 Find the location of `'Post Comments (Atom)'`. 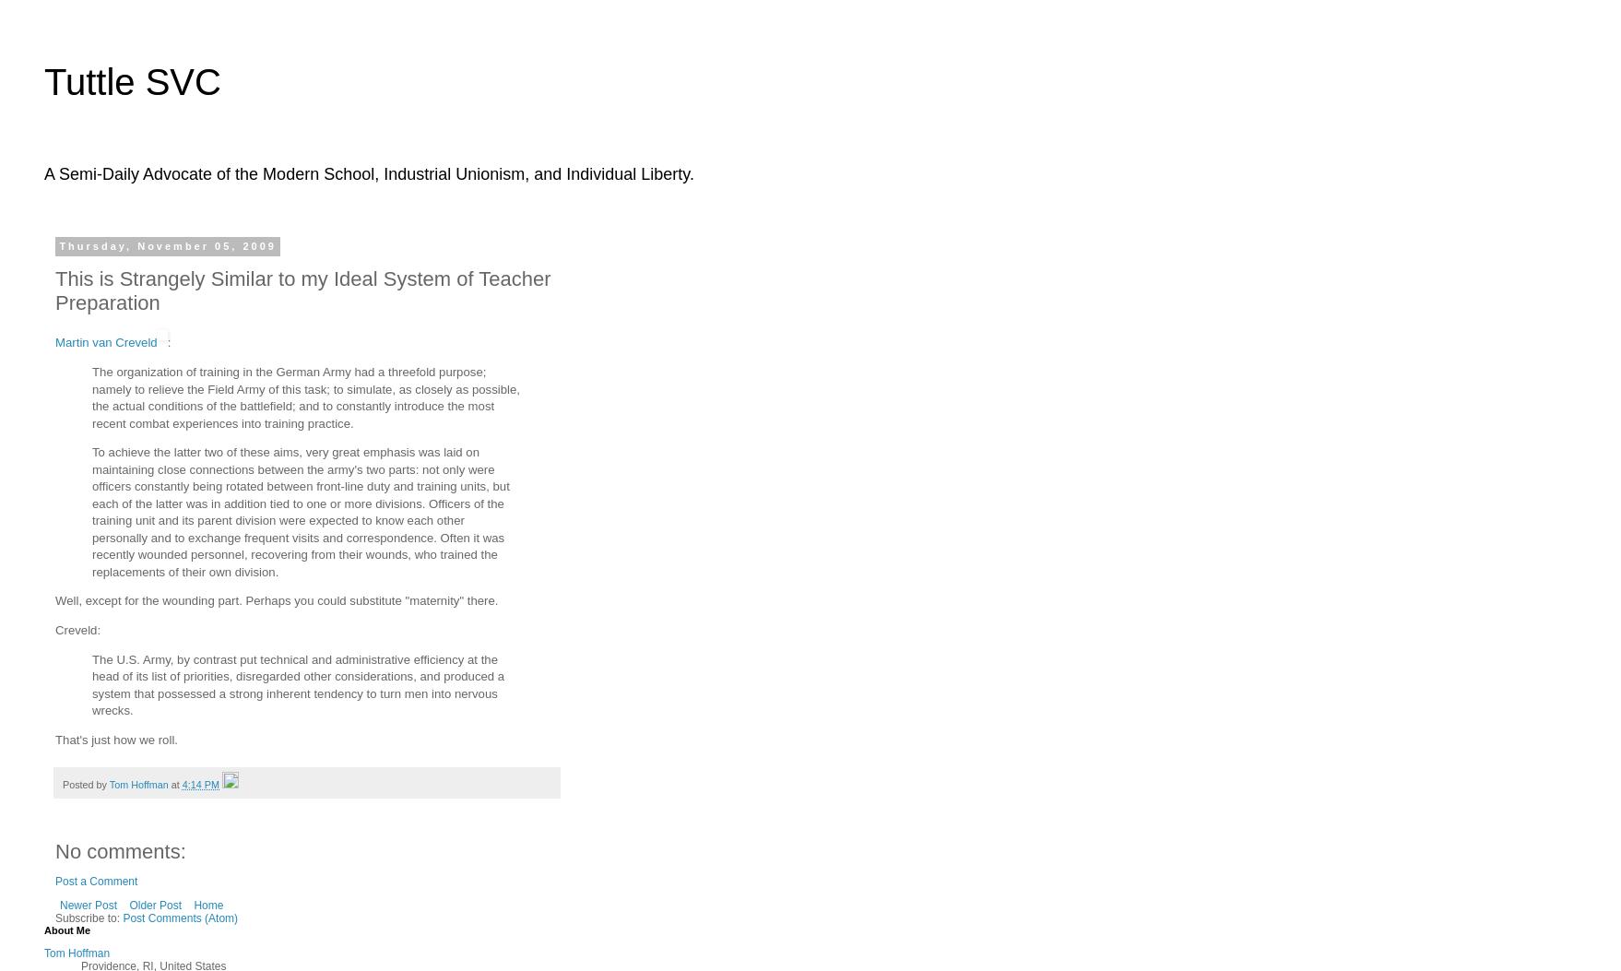

'Post Comments (Atom)' is located at coordinates (179, 918).